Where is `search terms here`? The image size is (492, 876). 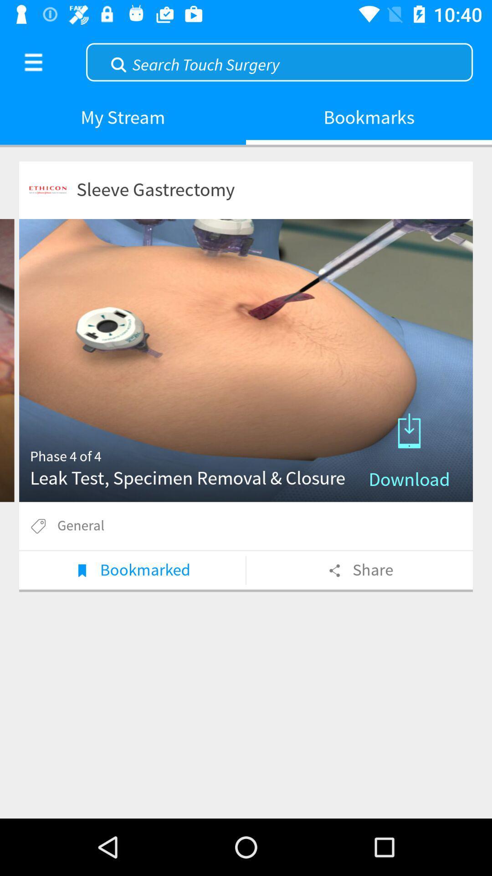 search terms here is located at coordinates (279, 61).